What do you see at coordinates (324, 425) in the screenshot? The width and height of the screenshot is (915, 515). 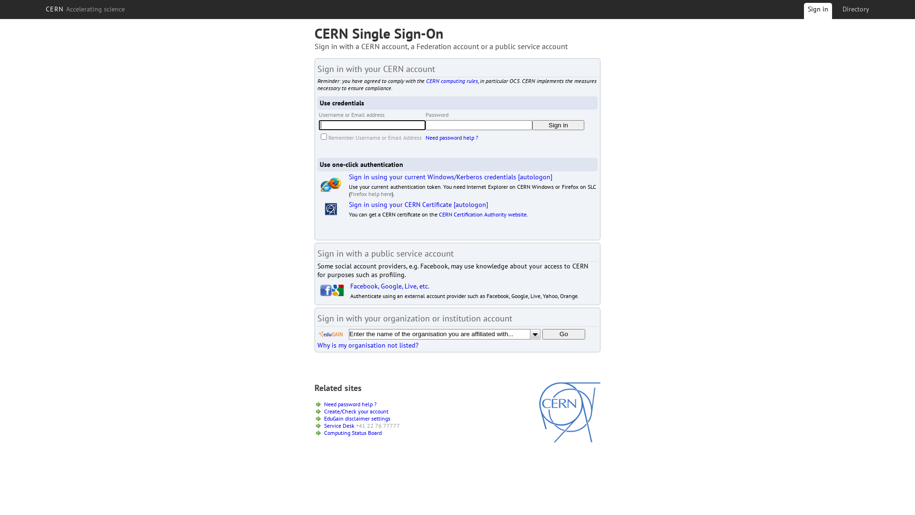 I see `'Service Desk'` at bounding box center [324, 425].